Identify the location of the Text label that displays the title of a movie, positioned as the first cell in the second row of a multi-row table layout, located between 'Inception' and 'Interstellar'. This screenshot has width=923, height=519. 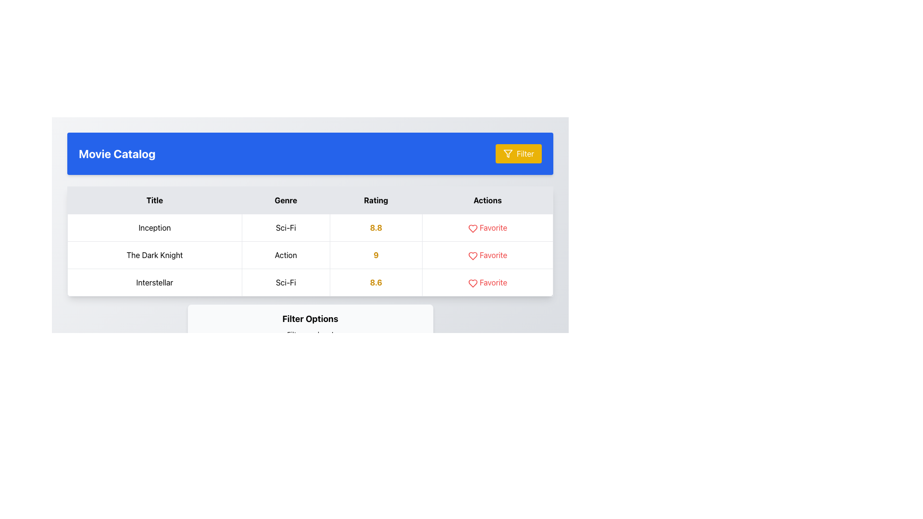
(154, 255).